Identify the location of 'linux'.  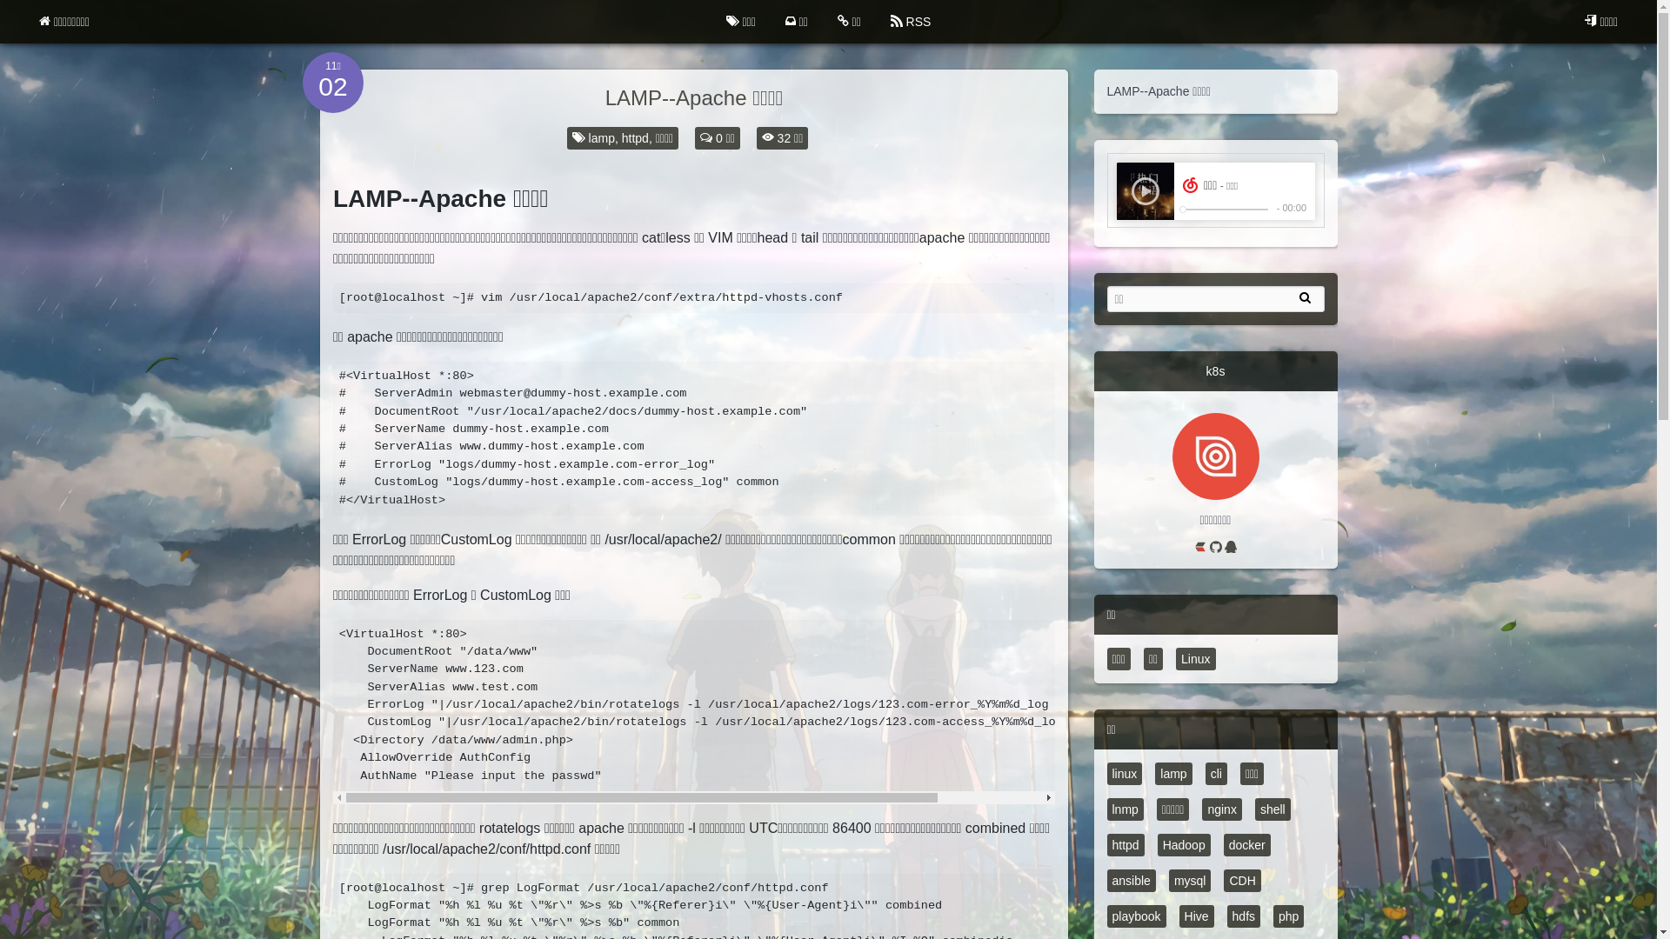
(1124, 773).